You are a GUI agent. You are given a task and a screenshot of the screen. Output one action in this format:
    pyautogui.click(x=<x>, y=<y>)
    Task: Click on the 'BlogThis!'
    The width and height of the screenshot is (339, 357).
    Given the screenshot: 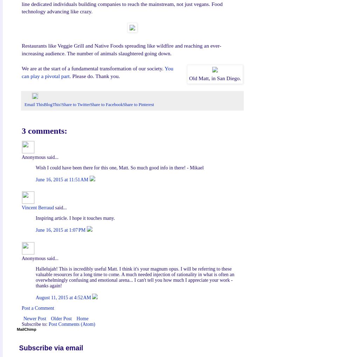 What is the action you would take?
    pyautogui.click(x=52, y=104)
    